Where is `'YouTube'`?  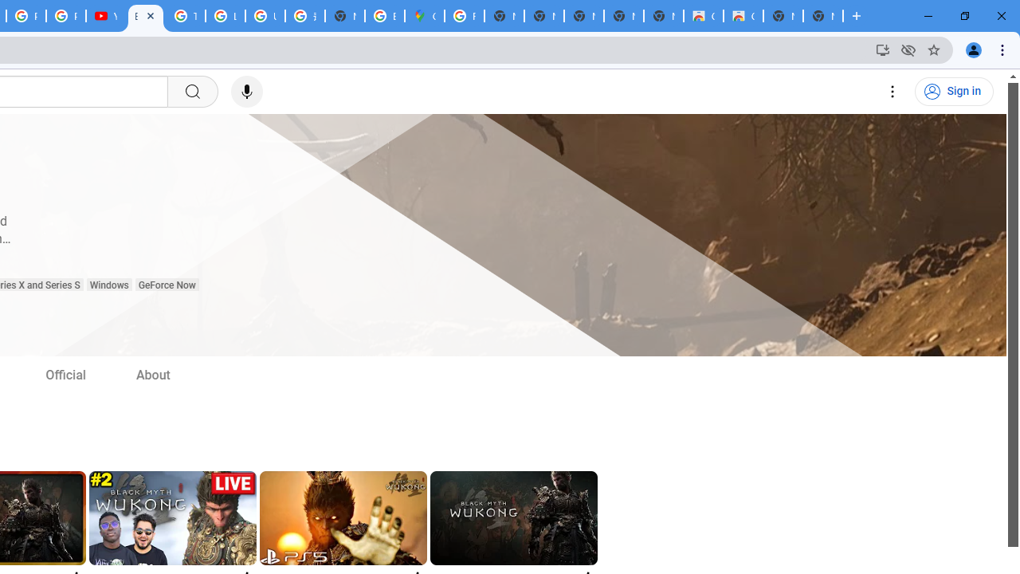 'YouTube' is located at coordinates (104, 16).